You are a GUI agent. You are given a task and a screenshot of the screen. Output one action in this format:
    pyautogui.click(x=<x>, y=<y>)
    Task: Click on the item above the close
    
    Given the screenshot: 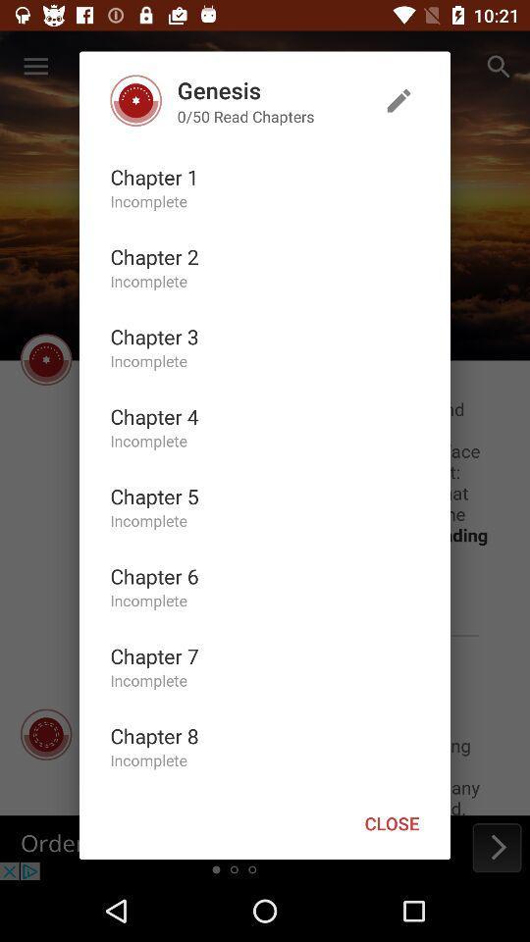 What is the action you would take?
    pyautogui.click(x=397, y=100)
    